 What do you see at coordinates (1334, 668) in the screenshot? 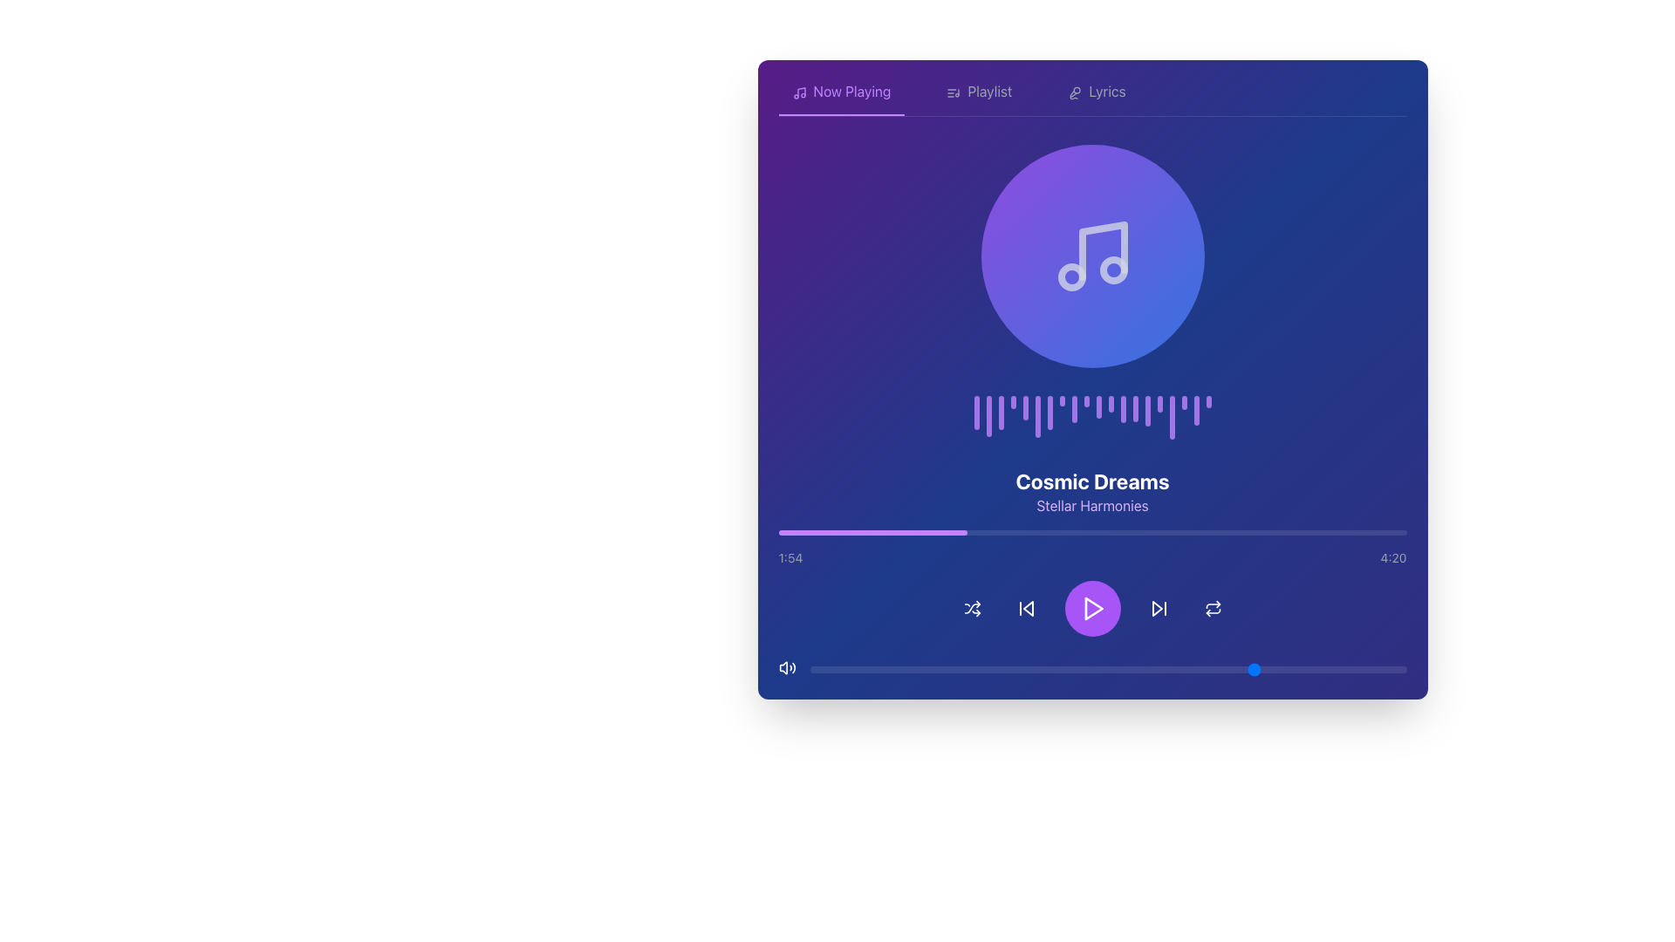
I see `the slider` at bounding box center [1334, 668].